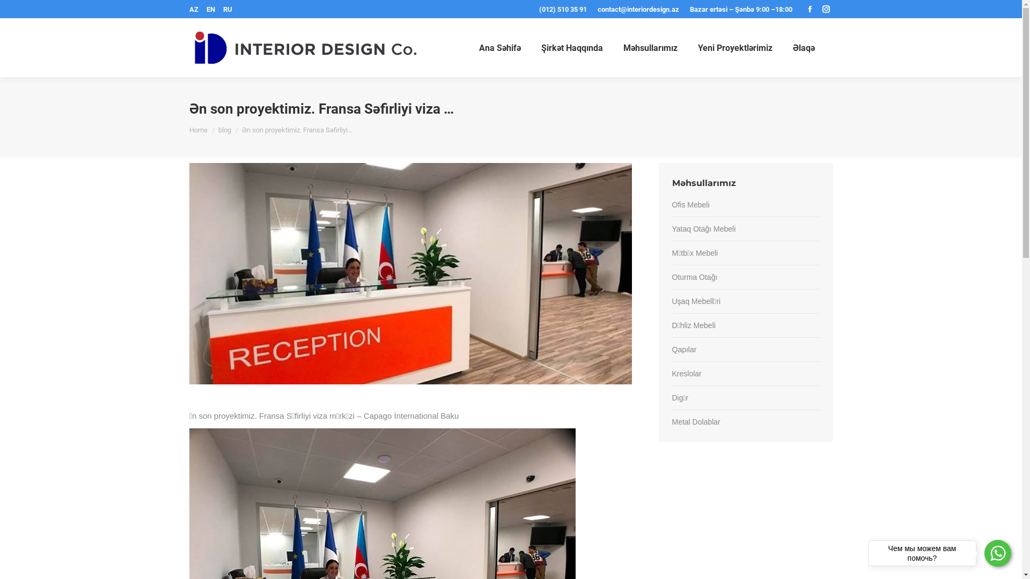 The width and height of the screenshot is (1030, 579). Describe the element at coordinates (226, 9) in the screenshot. I see `'RU'` at that location.